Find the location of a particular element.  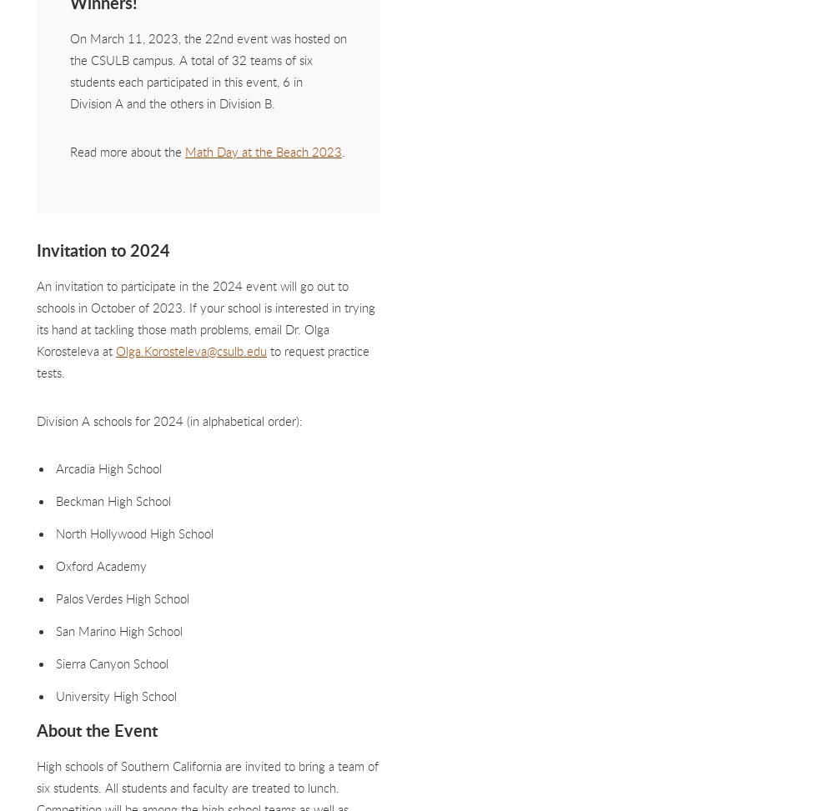

'Beckman High School' is located at coordinates (55, 499).